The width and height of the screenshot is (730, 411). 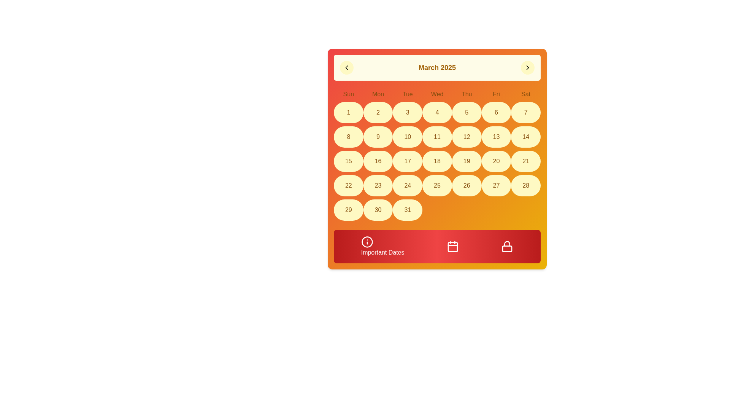 What do you see at coordinates (496, 113) in the screenshot?
I see `the calendar element representing the sixth day of the month, located under the 'Fri' column in the first row of a calendar grid` at bounding box center [496, 113].